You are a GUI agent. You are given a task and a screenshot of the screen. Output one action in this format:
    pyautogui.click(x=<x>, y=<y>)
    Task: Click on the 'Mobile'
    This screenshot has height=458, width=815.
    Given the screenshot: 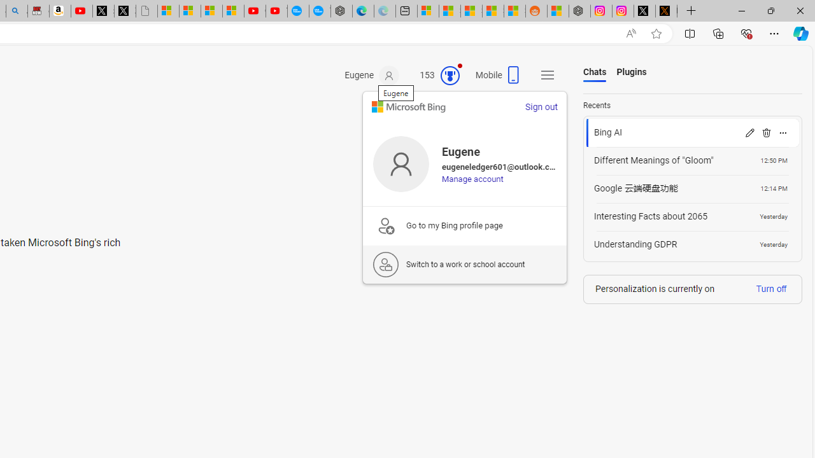 What is the action you would take?
    pyautogui.click(x=499, y=79)
    